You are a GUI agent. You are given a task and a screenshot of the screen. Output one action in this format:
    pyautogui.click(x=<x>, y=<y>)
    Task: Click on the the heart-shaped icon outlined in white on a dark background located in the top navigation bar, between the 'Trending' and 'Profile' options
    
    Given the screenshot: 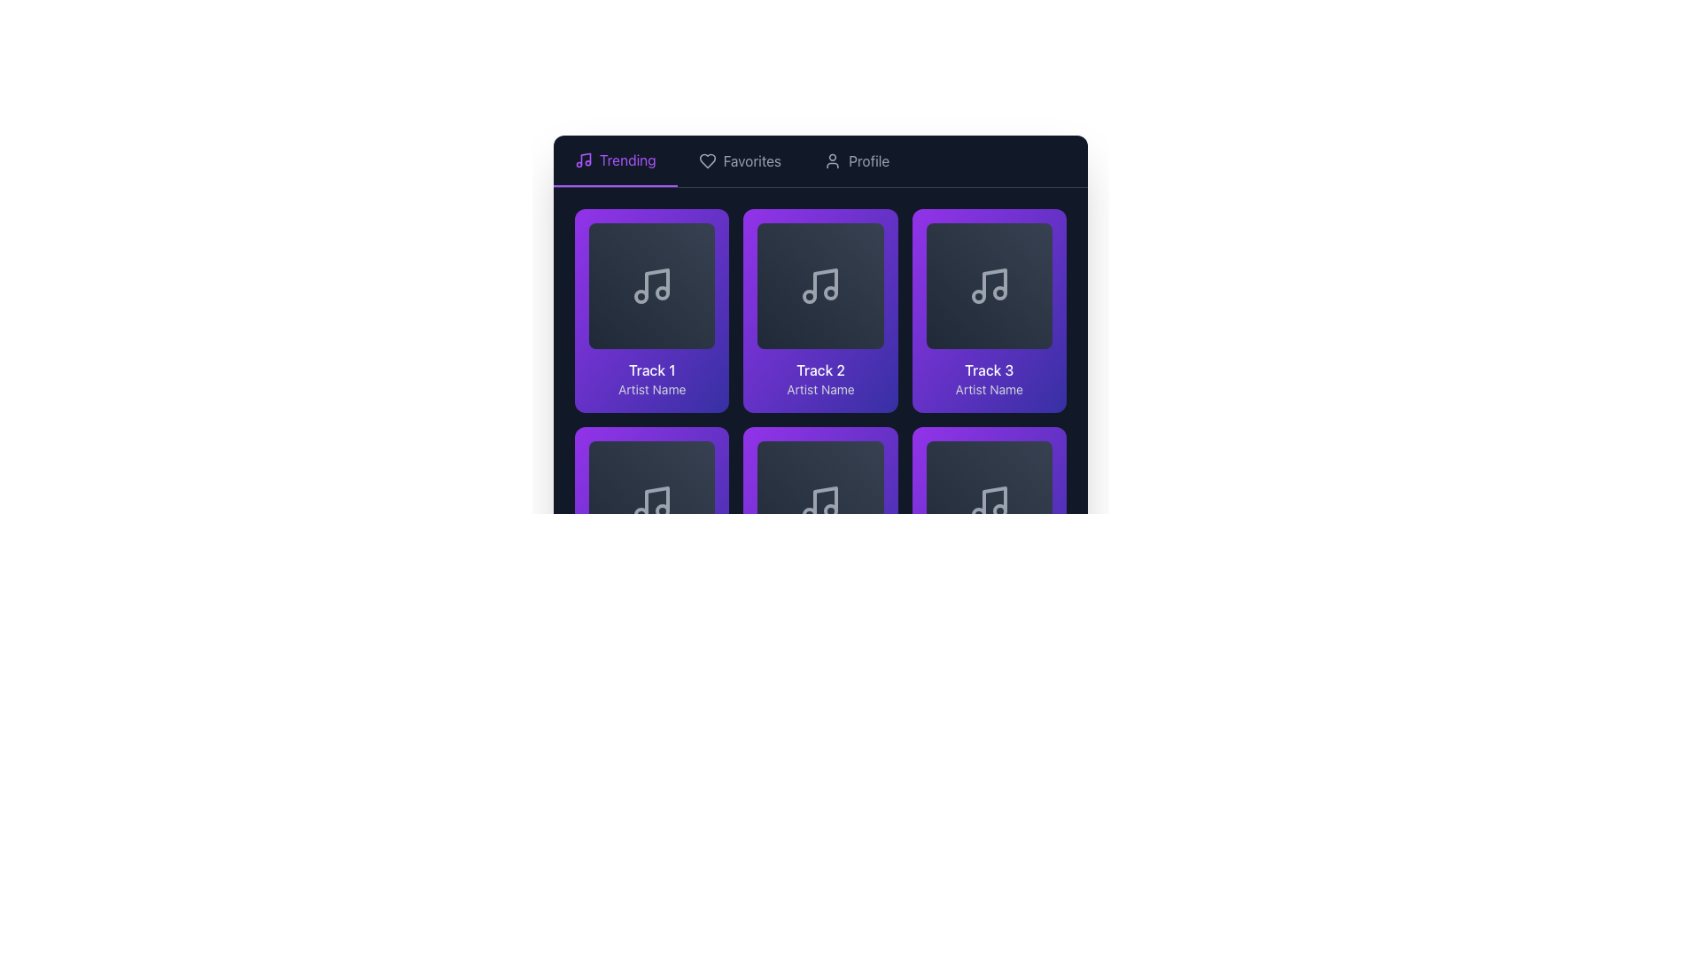 What is the action you would take?
    pyautogui.click(x=706, y=160)
    